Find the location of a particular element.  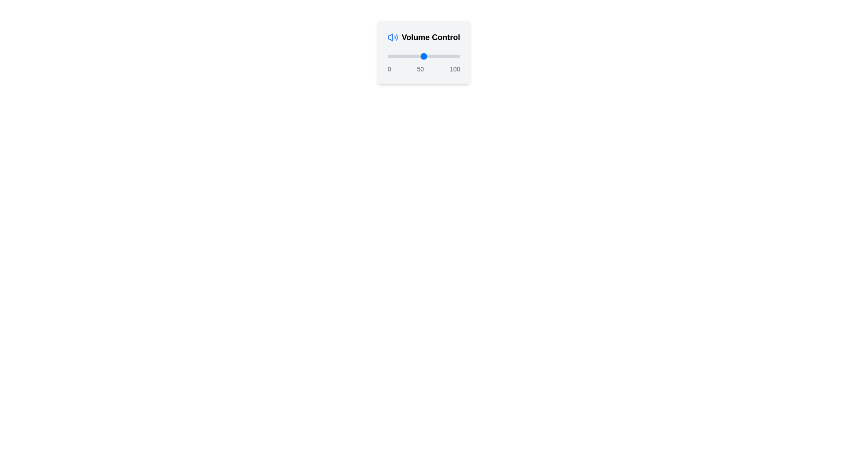

numeric labels '0', '50', and '100' displayed in gray font within the 'Volume Control' interface, located below the slider bar is located at coordinates (423, 69).